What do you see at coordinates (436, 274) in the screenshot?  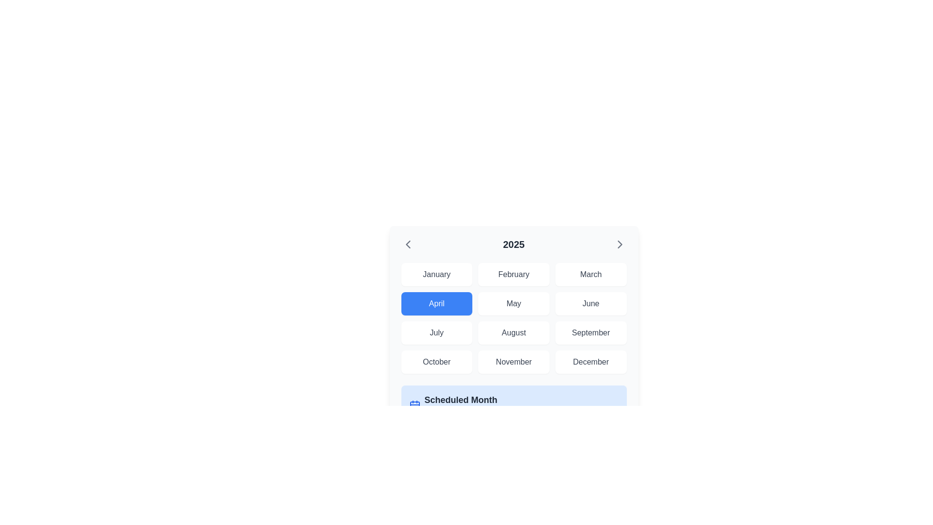 I see `the button representing the month of January in the month selection grid` at bounding box center [436, 274].